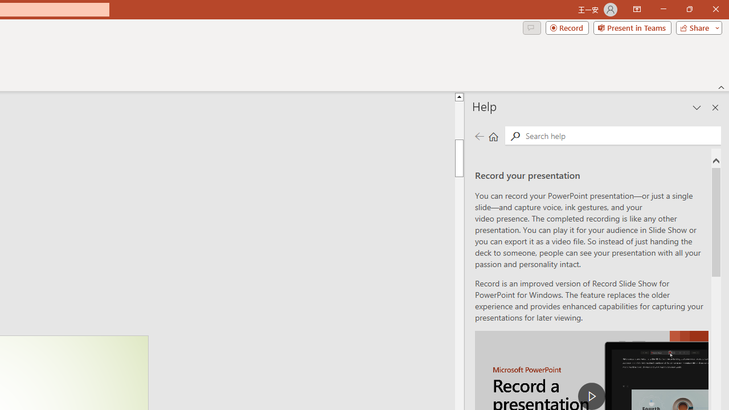 The height and width of the screenshot is (410, 729). Describe the element at coordinates (591, 395) in the screenshot. I see `'play Record a Presentation'` at that location.